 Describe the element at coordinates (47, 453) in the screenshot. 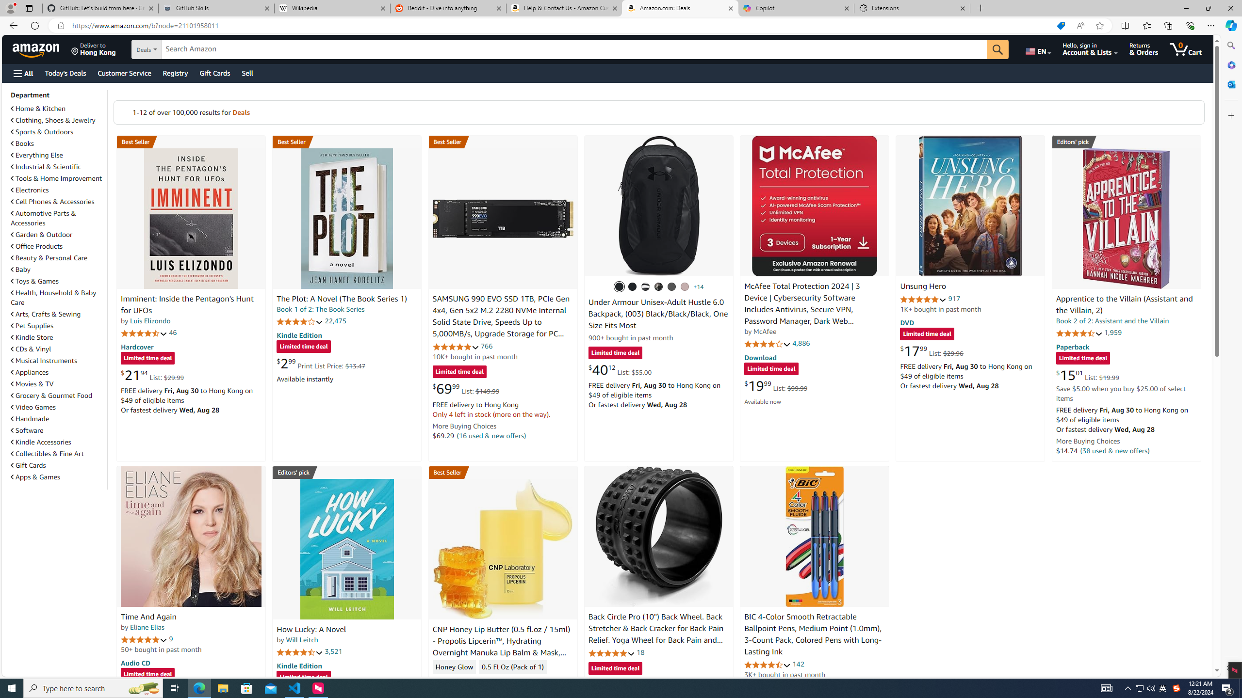

I see `'Collectibles & Fine Art'` at that location.